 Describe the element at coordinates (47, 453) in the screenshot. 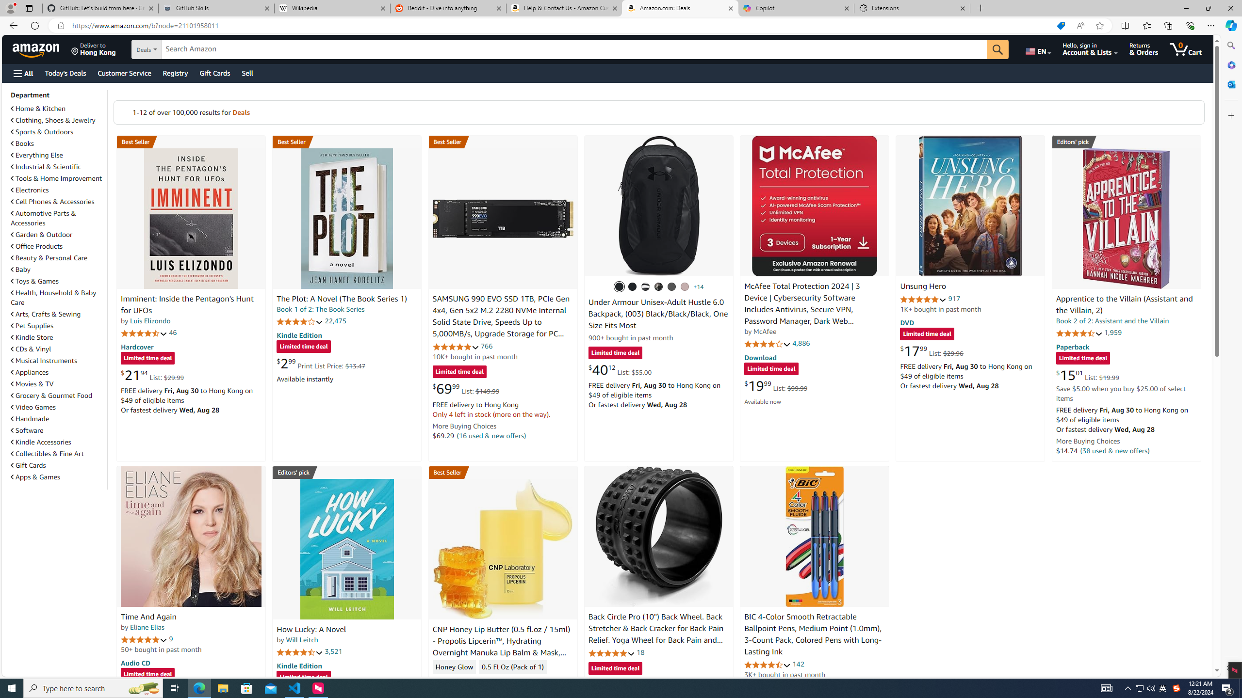

I see `'Collectibles & Fine Art'` at that location.